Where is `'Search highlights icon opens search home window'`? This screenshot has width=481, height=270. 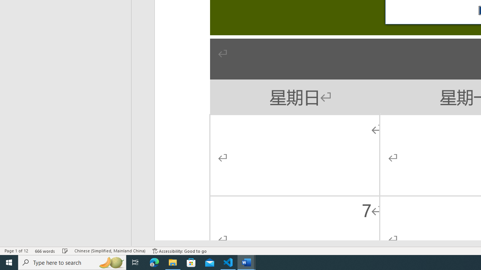
'Search highlights icon opens search home window' is located at coordinates (110, 262).